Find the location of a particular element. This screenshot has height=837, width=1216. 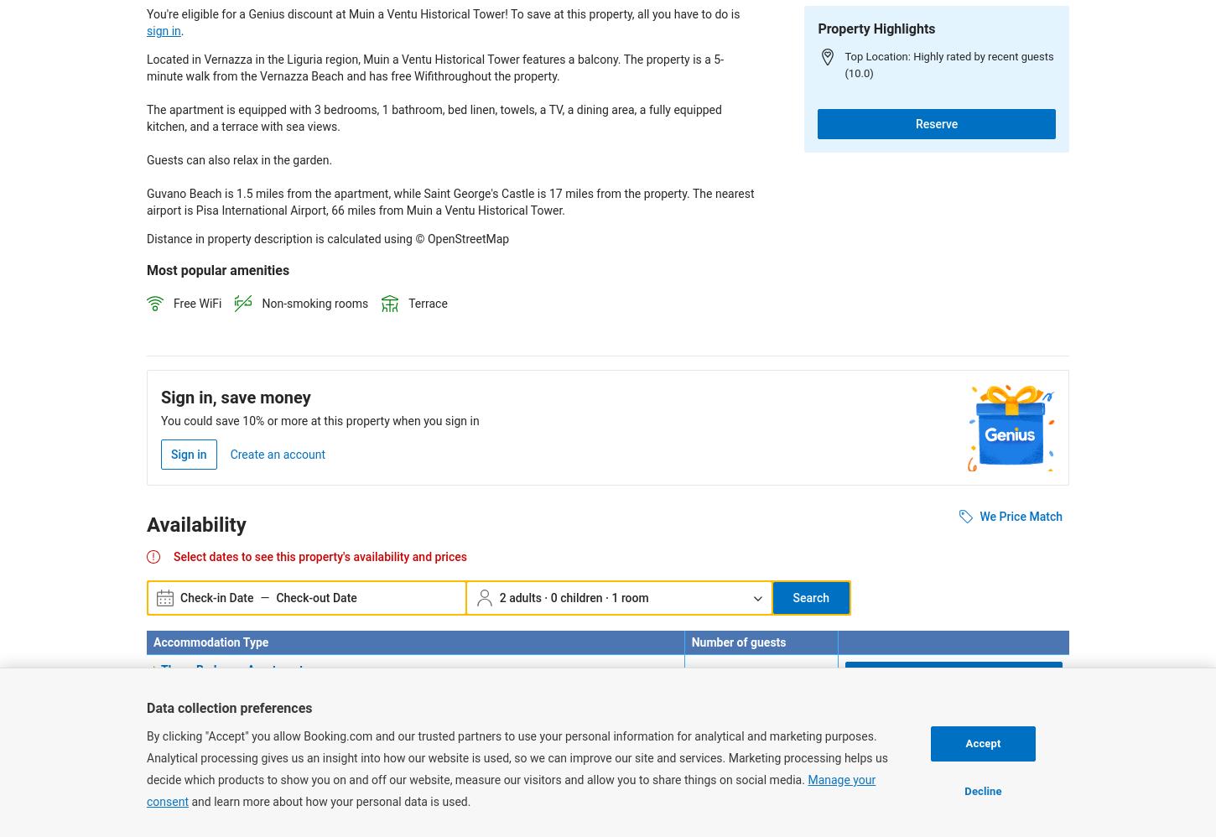

'Check-in Date' is located at coordinates (179, 597).